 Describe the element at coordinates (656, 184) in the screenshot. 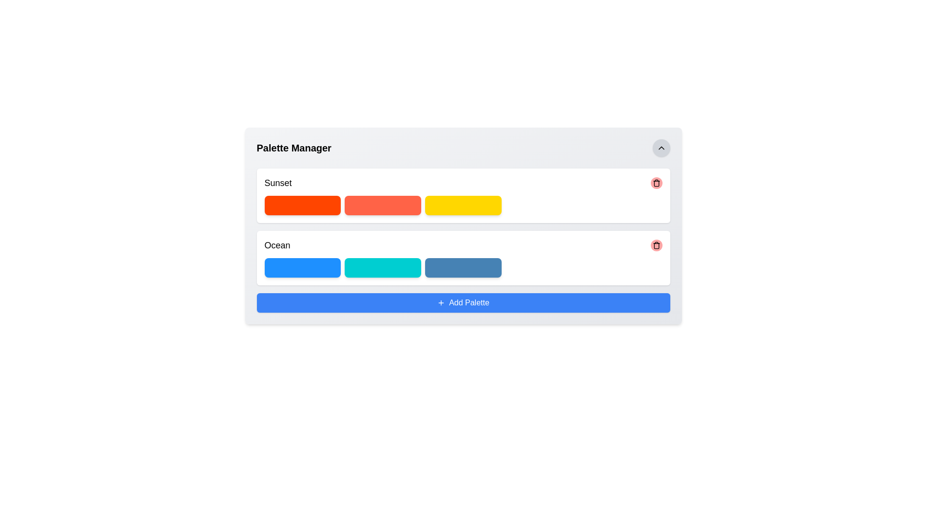

I see `trash can icon element, which is a minimalist vector design located in the bottom-right corner of the interface, for development purposes` at that location.